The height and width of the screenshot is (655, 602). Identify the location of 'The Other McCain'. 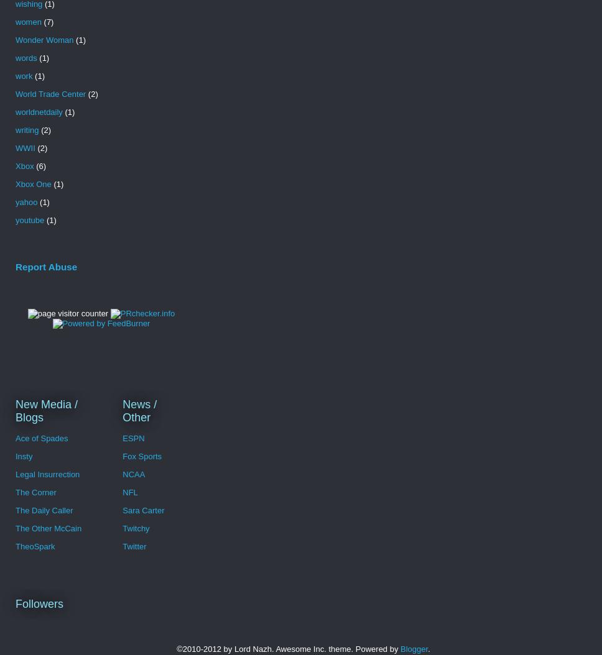
(48, 528).